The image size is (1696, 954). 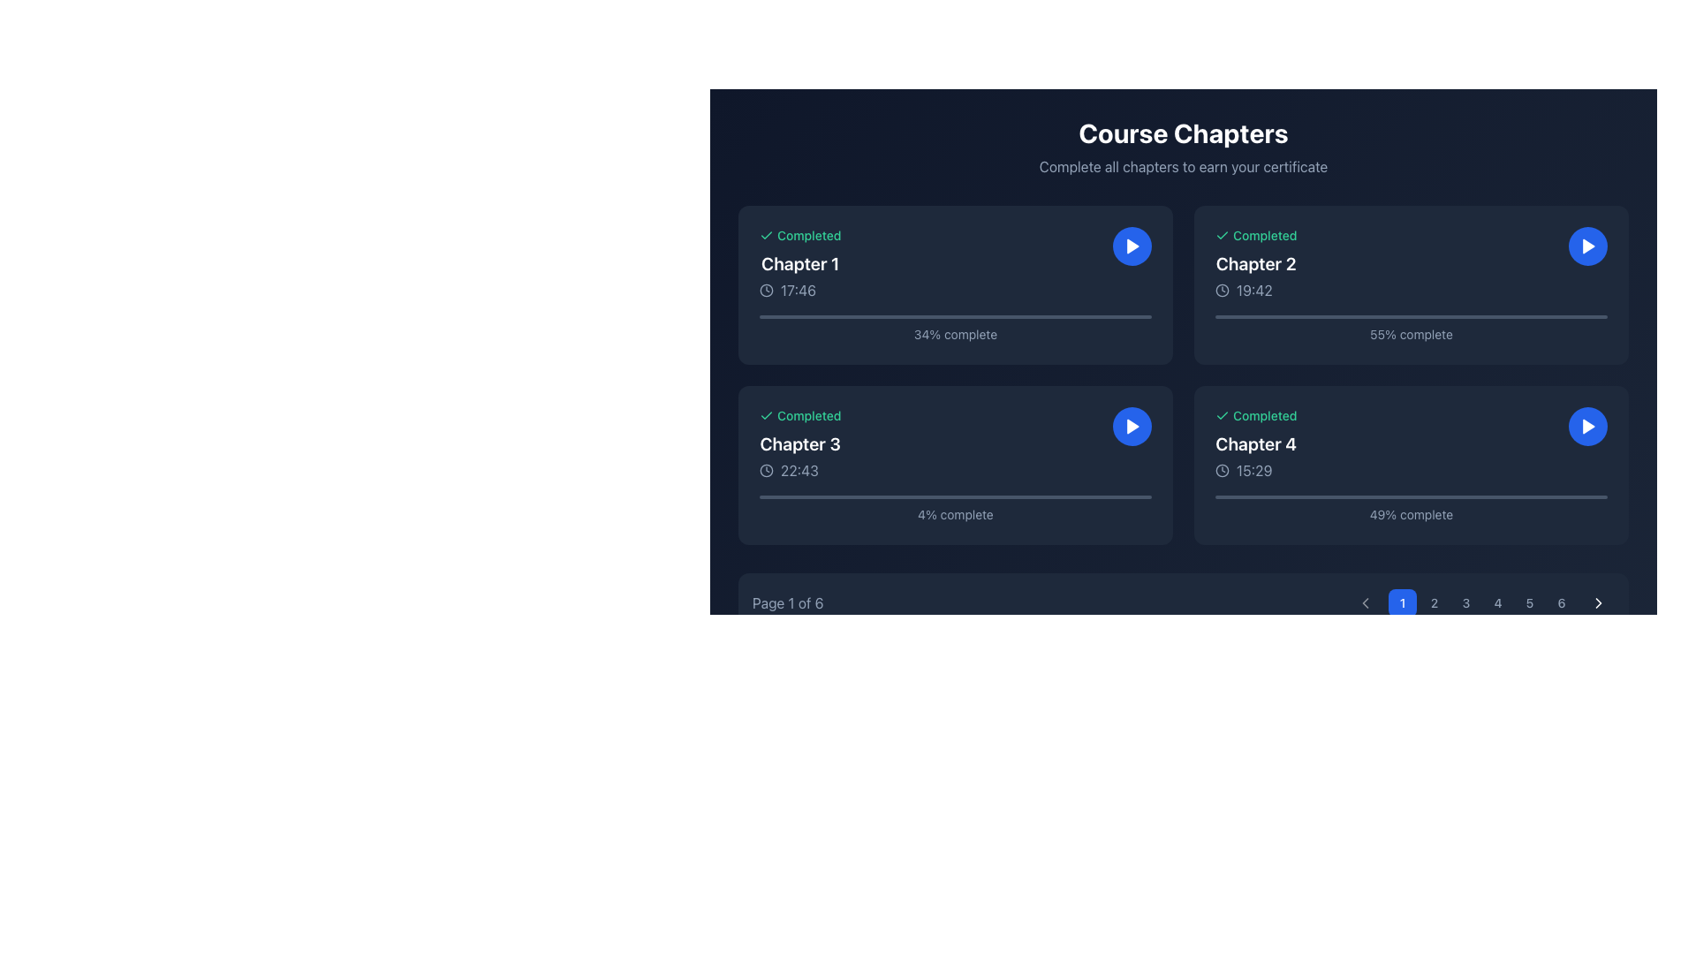 I want to click on text displayed in the light gray Text Label showing the time '19:42', which is positioned to the right of a clock icon in the second card of the chapter list interface, so click(x=1253, y=289).